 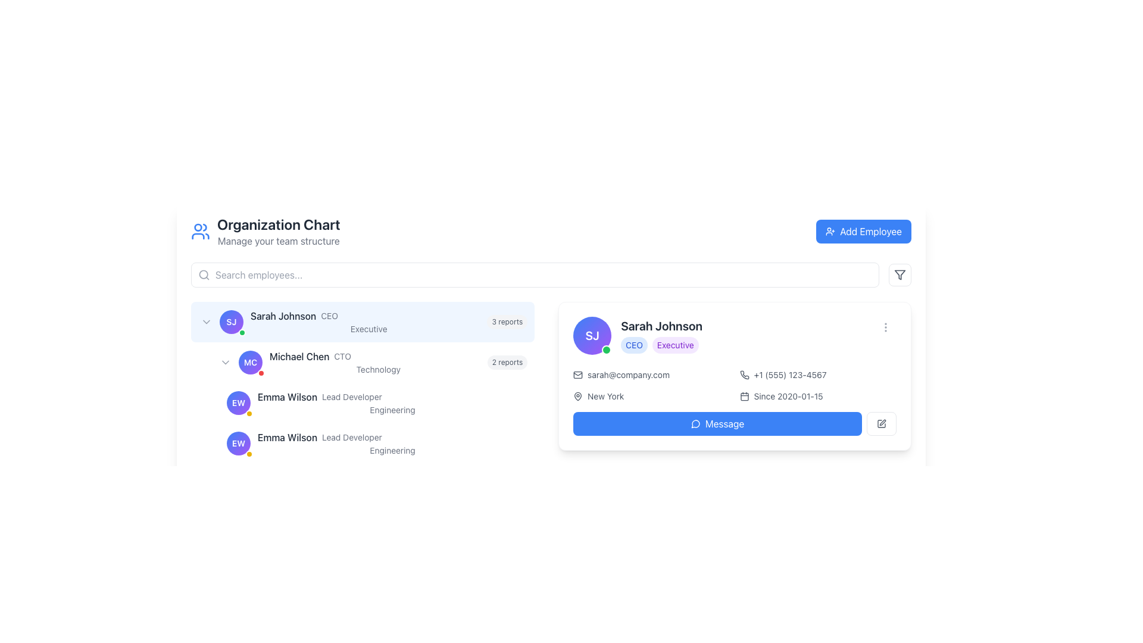 I want to click on the text display element showing 'Michael Chen' with the label 'CTO' and the word 'Technology' below it in the organization chart, so click(x=377, y=362).